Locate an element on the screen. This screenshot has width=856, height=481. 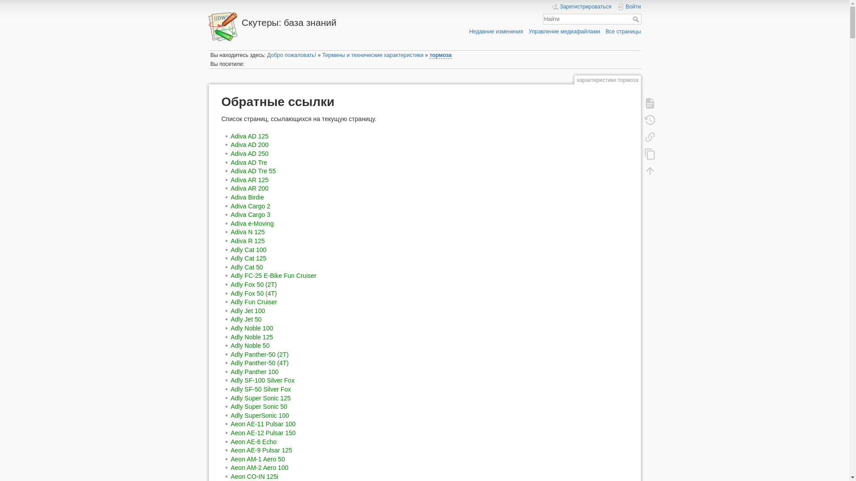
'Adly Noble 100' is located at coordinates (231, 328).